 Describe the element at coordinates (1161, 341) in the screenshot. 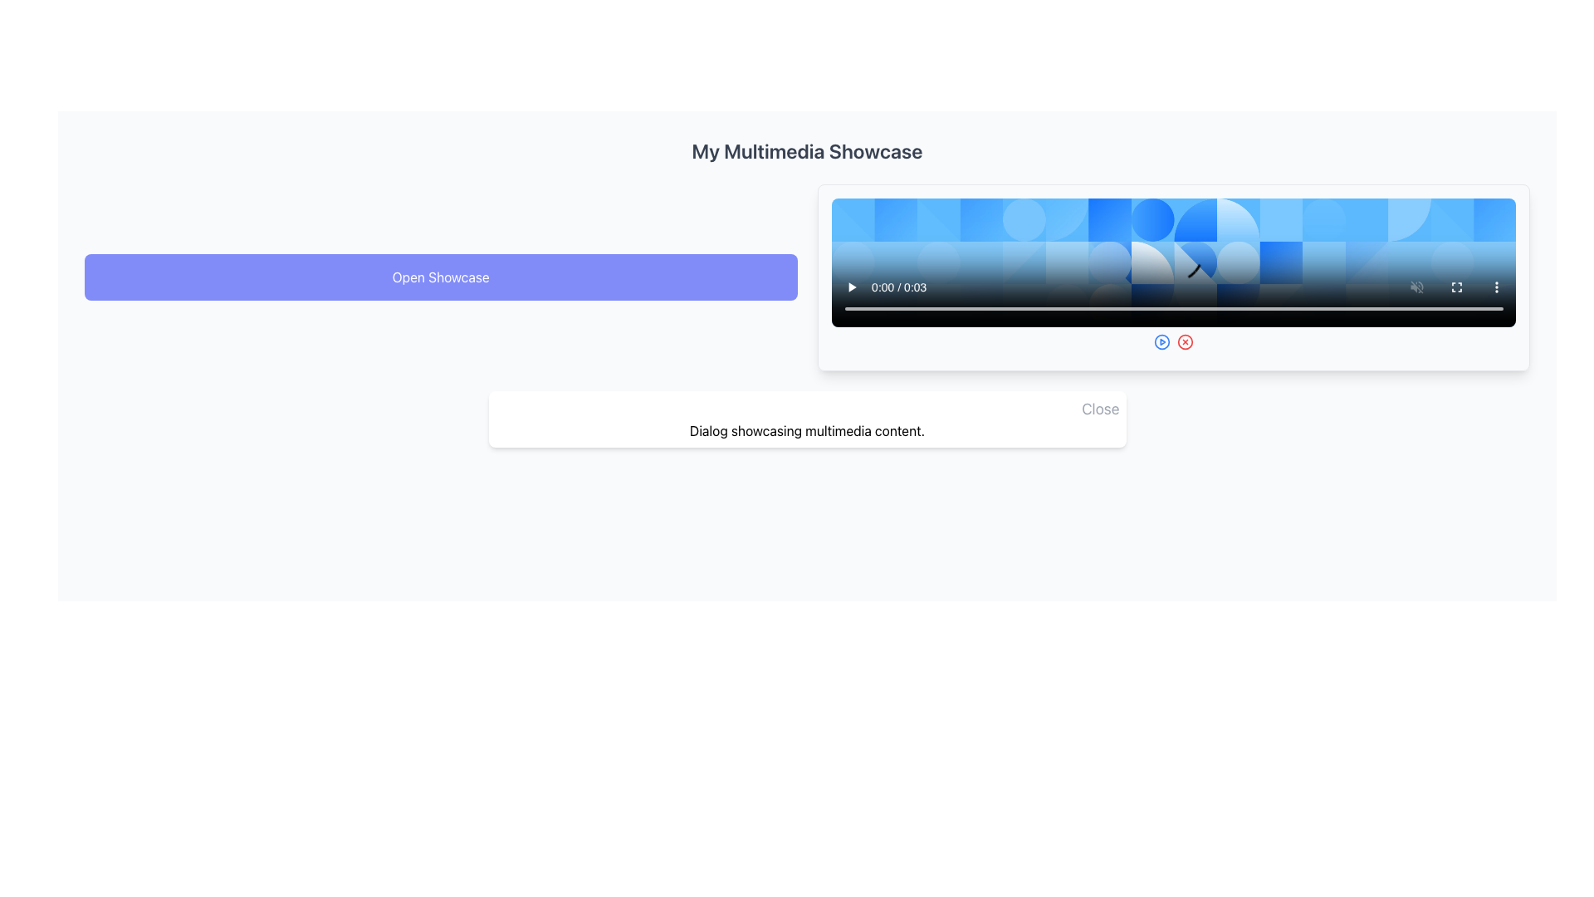

I see `the circular play button with a blue border and triangular play symbol` at that location.